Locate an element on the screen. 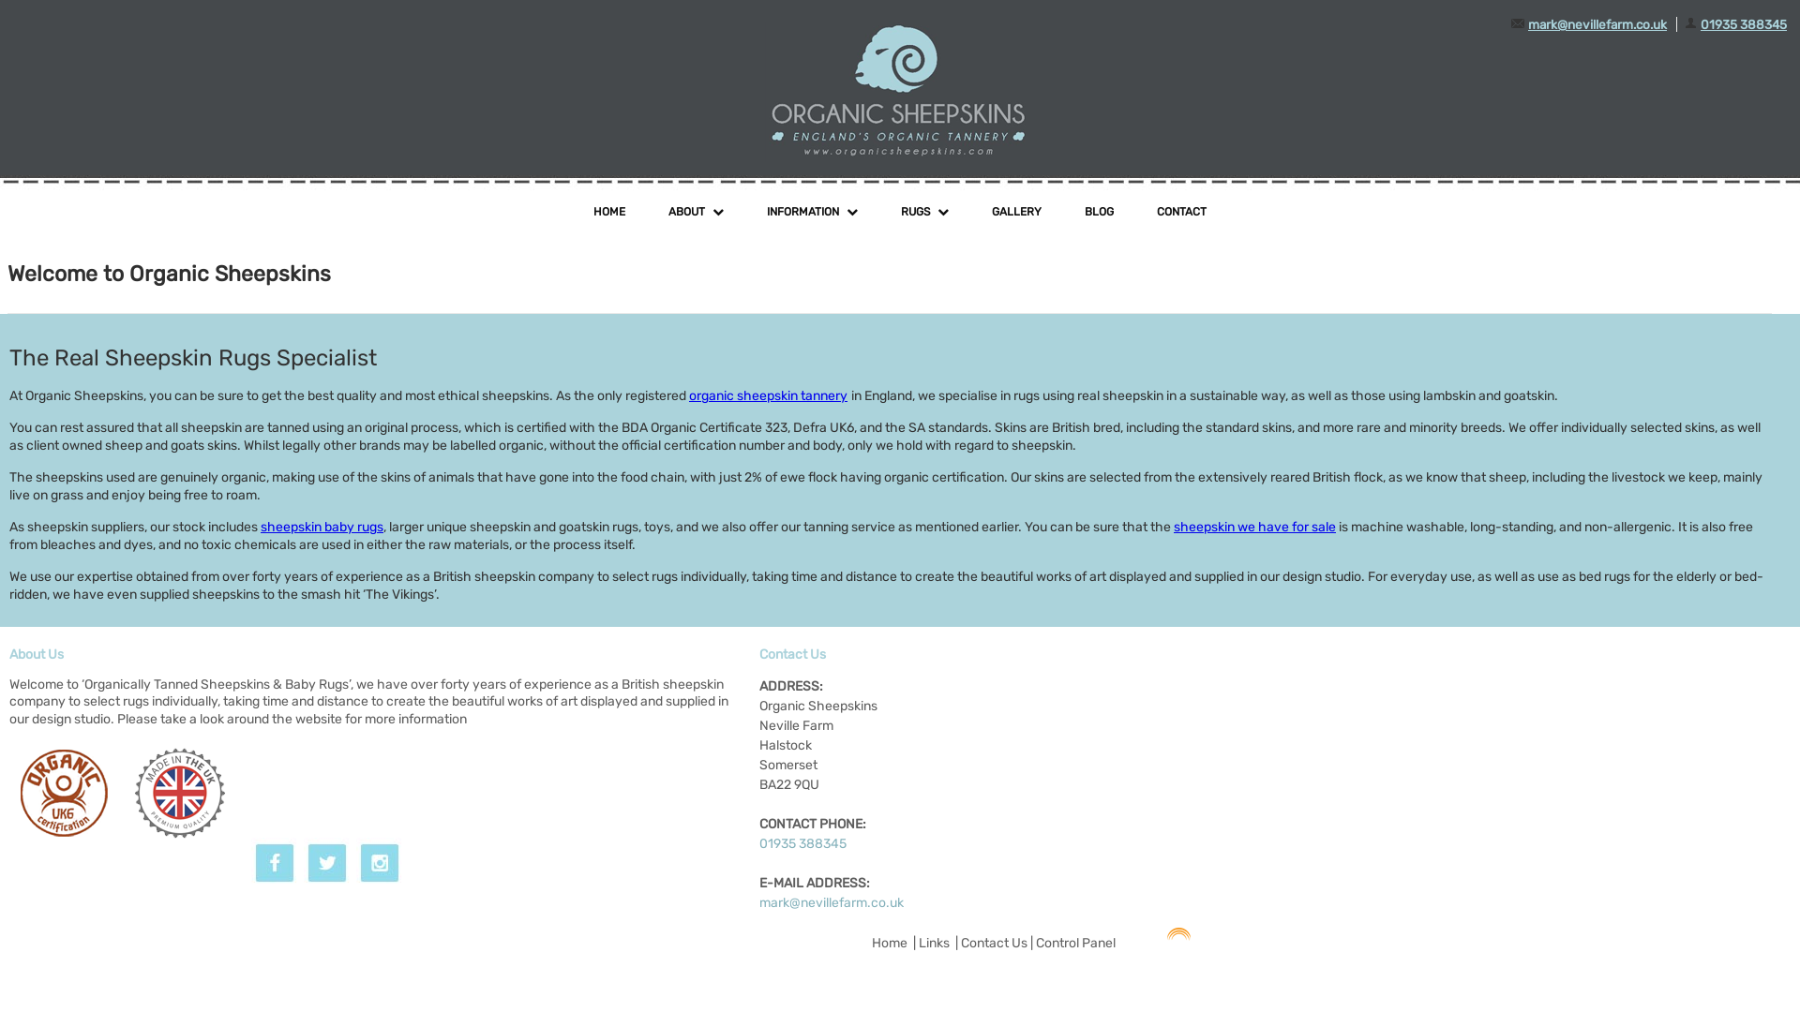  'organic sheepskin tannery' is located at coordinates (768, 394).